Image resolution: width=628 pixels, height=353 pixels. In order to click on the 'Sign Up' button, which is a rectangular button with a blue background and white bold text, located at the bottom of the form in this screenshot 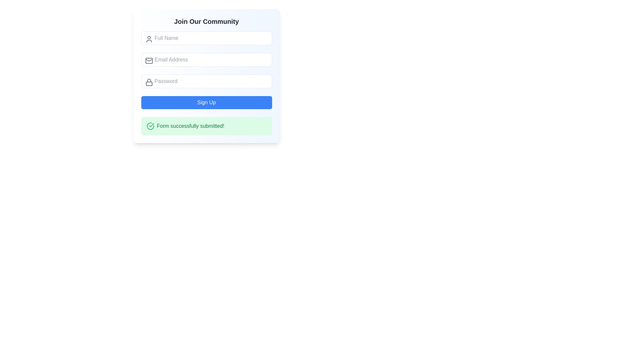, I will do `click(206, 102)`.